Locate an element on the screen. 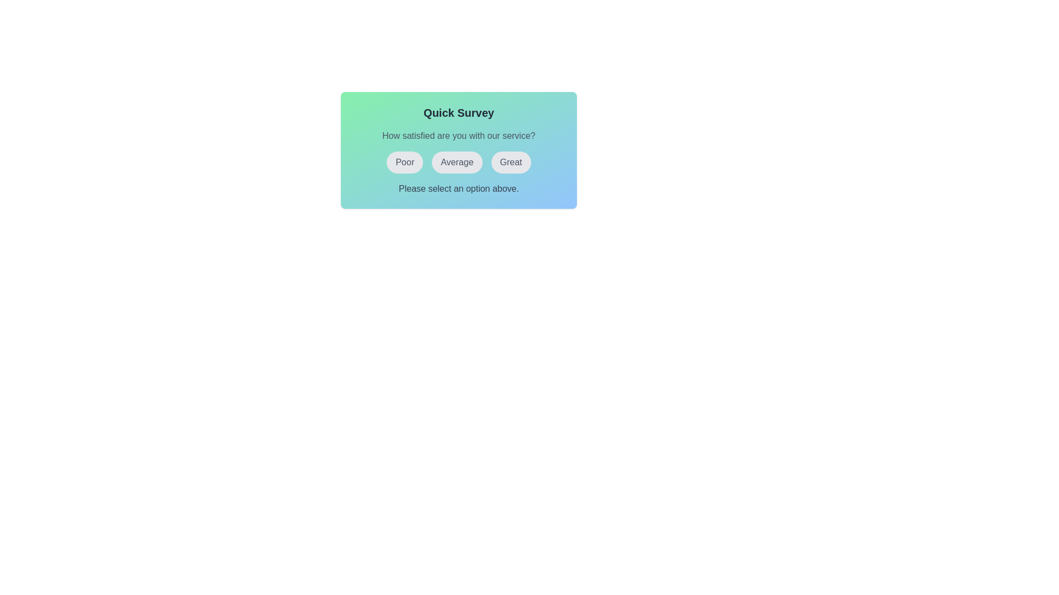 The height and width of the screenshot is (595, 1059). the button labeled Great is located at coordinates (510, 162).